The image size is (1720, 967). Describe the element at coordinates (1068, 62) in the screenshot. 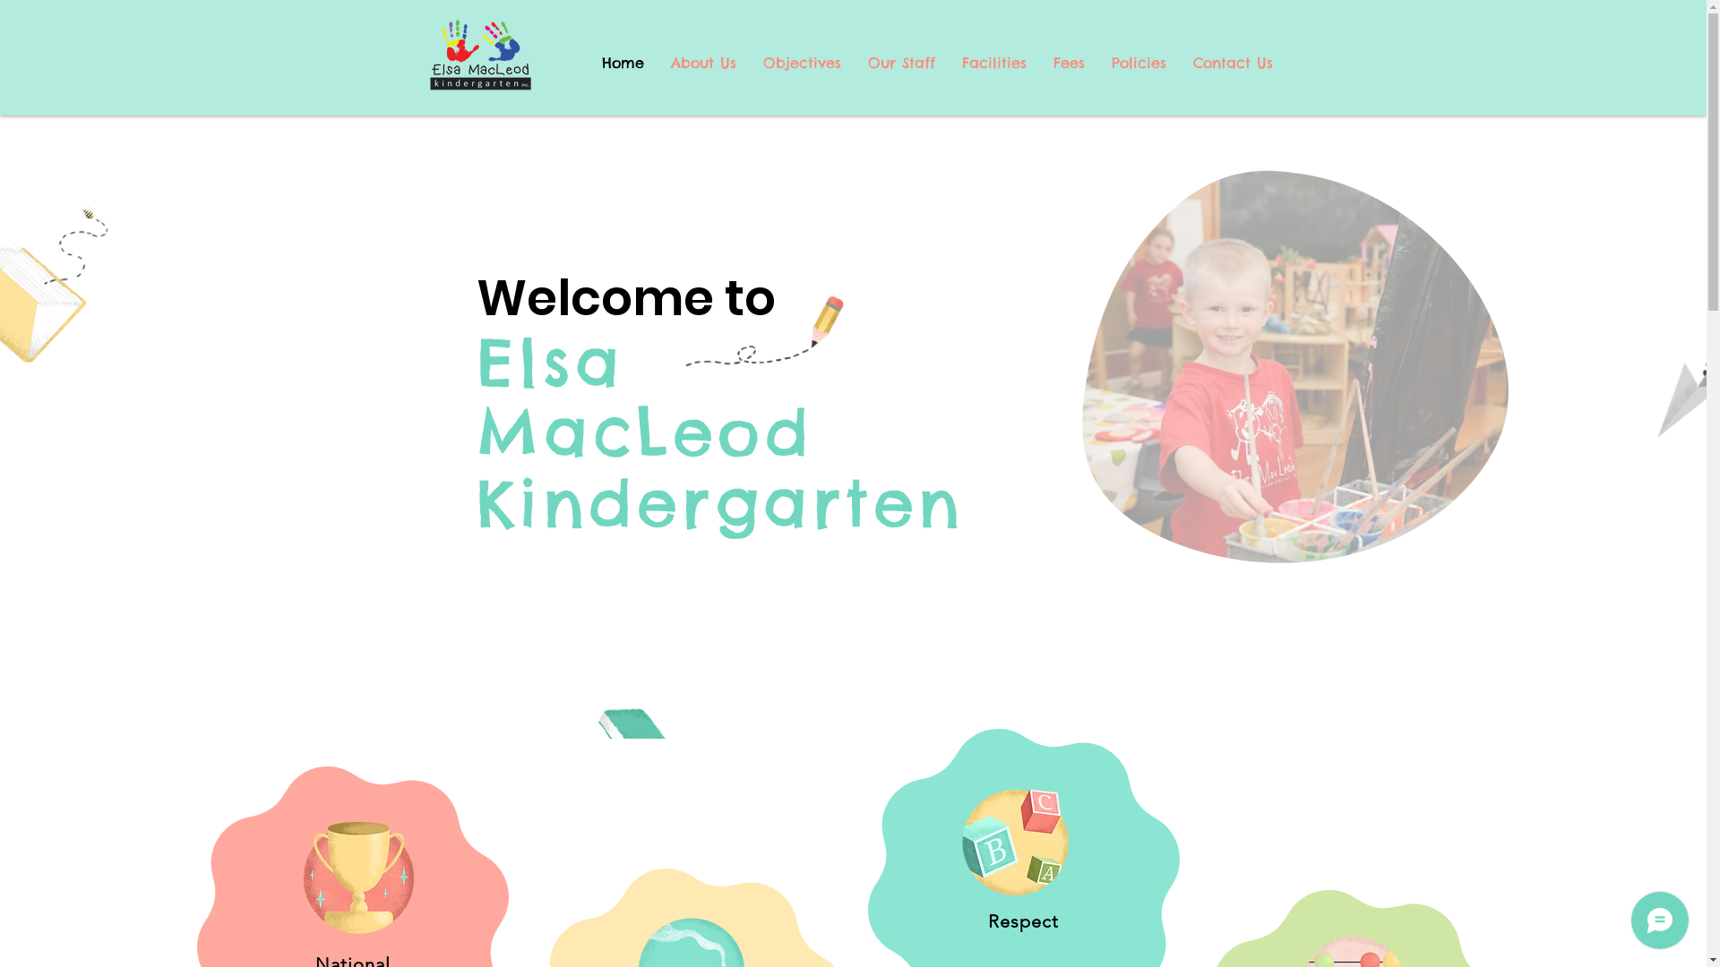

I see `'Fees'` at that location.